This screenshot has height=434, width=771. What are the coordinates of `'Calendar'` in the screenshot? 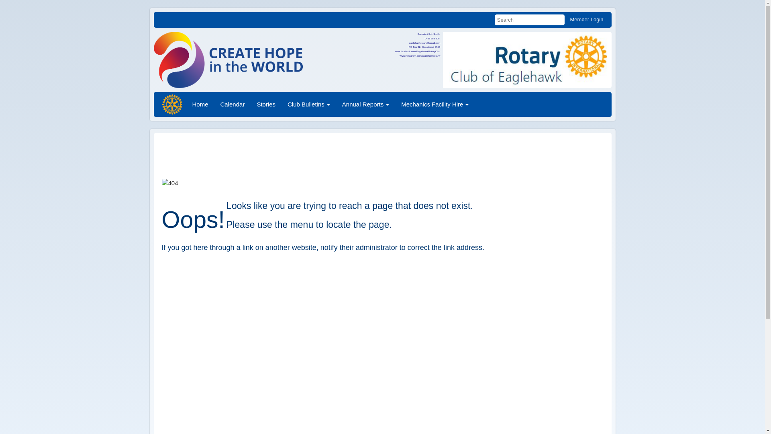 It's located at (232, 104).